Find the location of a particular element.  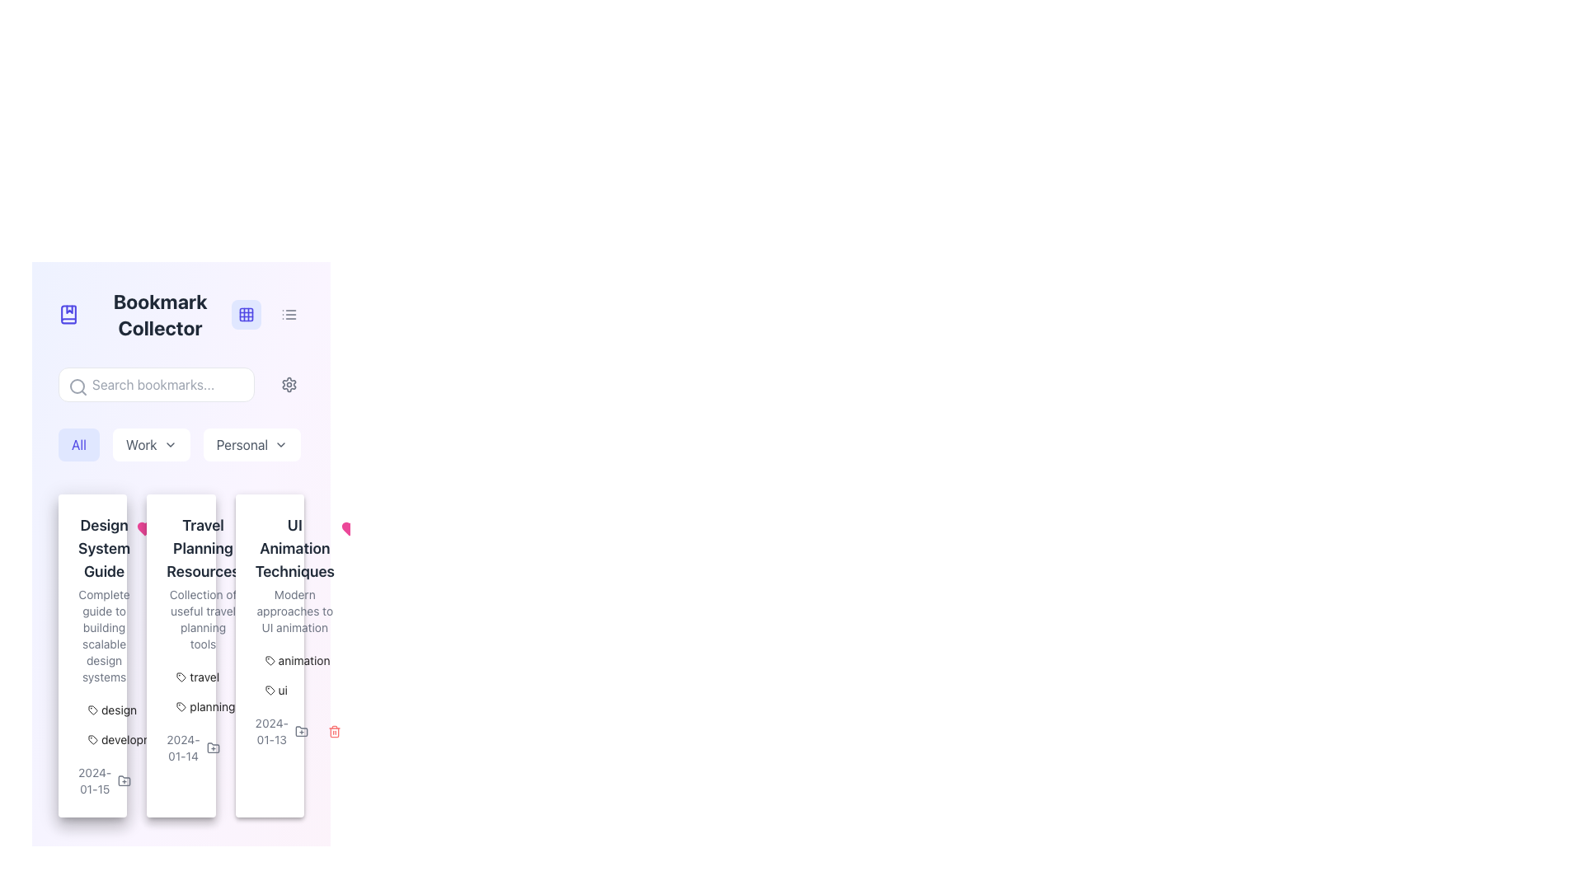

the circular button with a folder icon below the '2024-01-13' date text in the 'UI Animation Techniques' card is located at coordinates (301, 730).